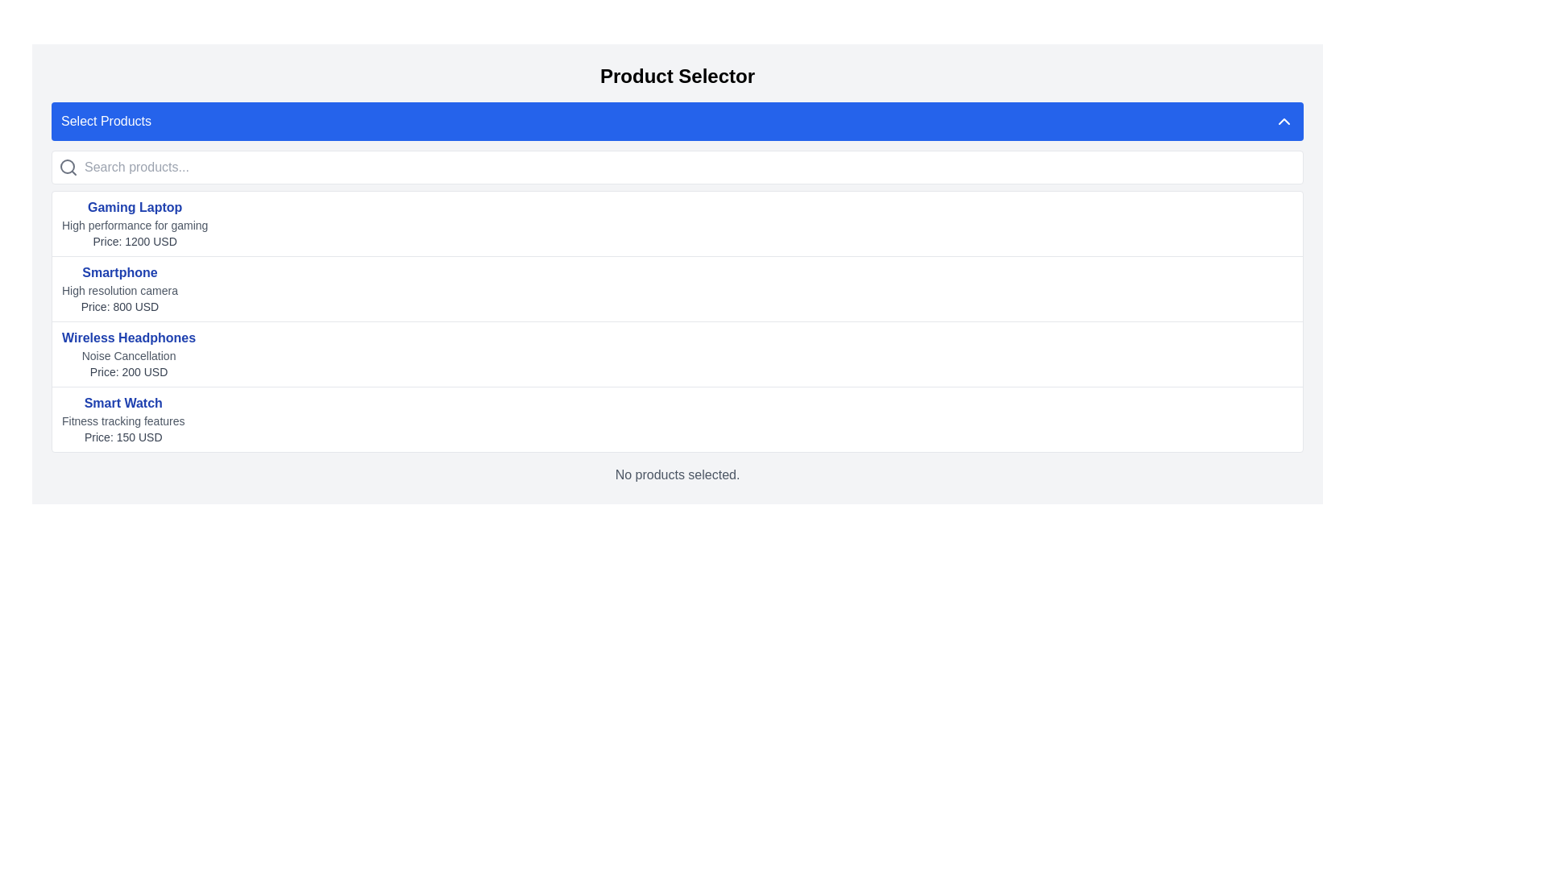  I want to click on the text label displaying 'Price: 150 USD', which is positioned under 'Fitness tracking features' for the Smart Watch product, so click(122, 437).